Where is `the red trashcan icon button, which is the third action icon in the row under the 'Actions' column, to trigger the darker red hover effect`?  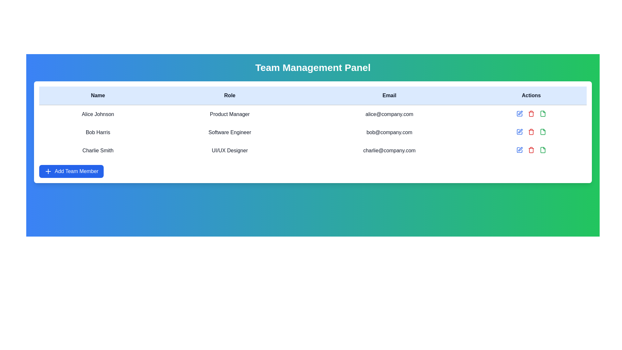
the red trashcan icon button, which is the third action icon in the row under the 'Actions' column, to trigger the darker red hover effect is located at coordinates (531, 132).